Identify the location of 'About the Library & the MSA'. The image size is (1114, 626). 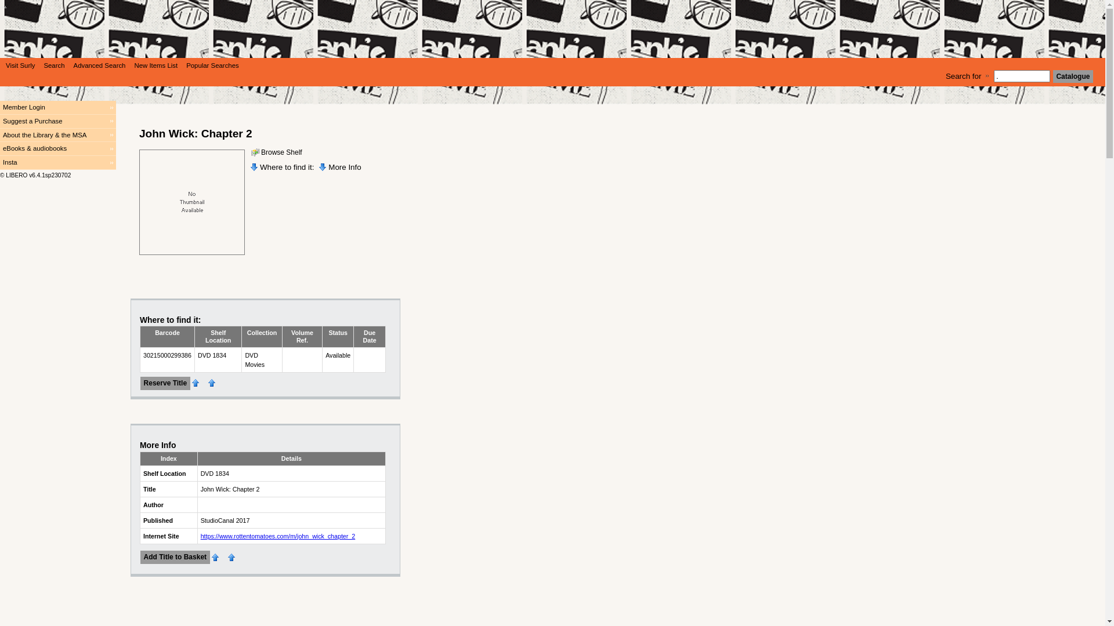
(0, 135).